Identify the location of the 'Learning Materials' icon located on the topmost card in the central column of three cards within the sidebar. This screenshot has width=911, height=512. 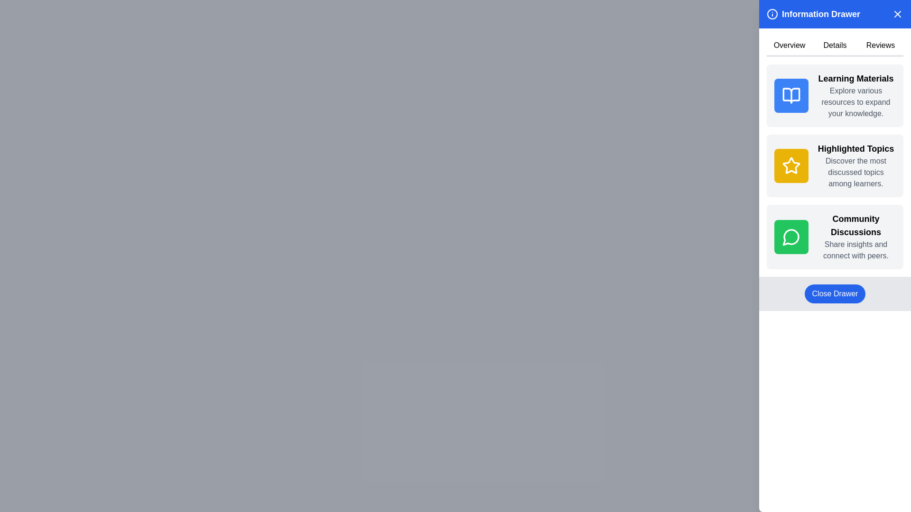
(791, 95).